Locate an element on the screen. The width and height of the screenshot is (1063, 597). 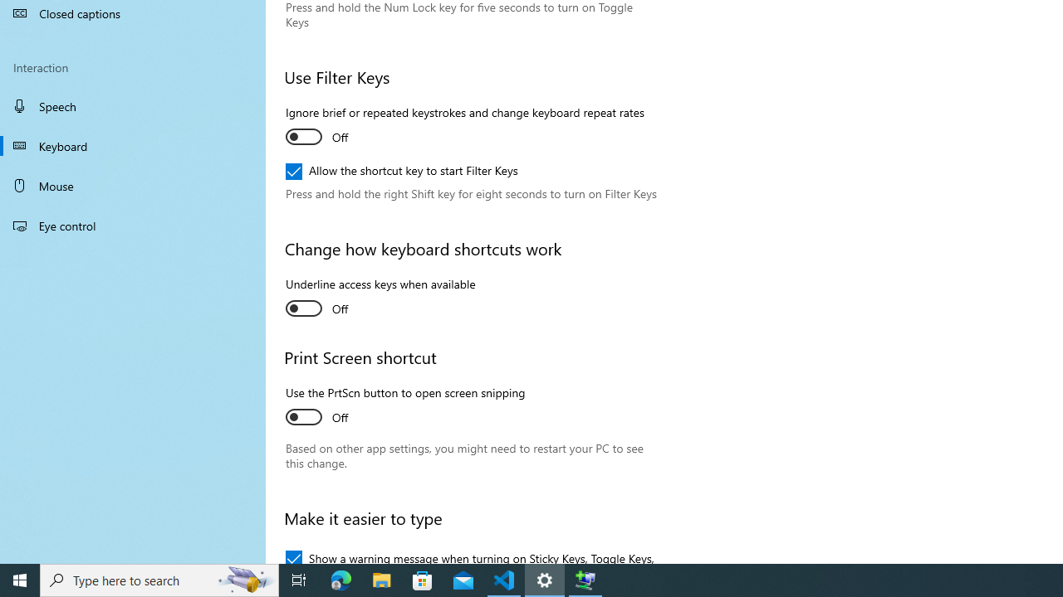
'Settings - 1 running window' is located at coordinates (545, 579).